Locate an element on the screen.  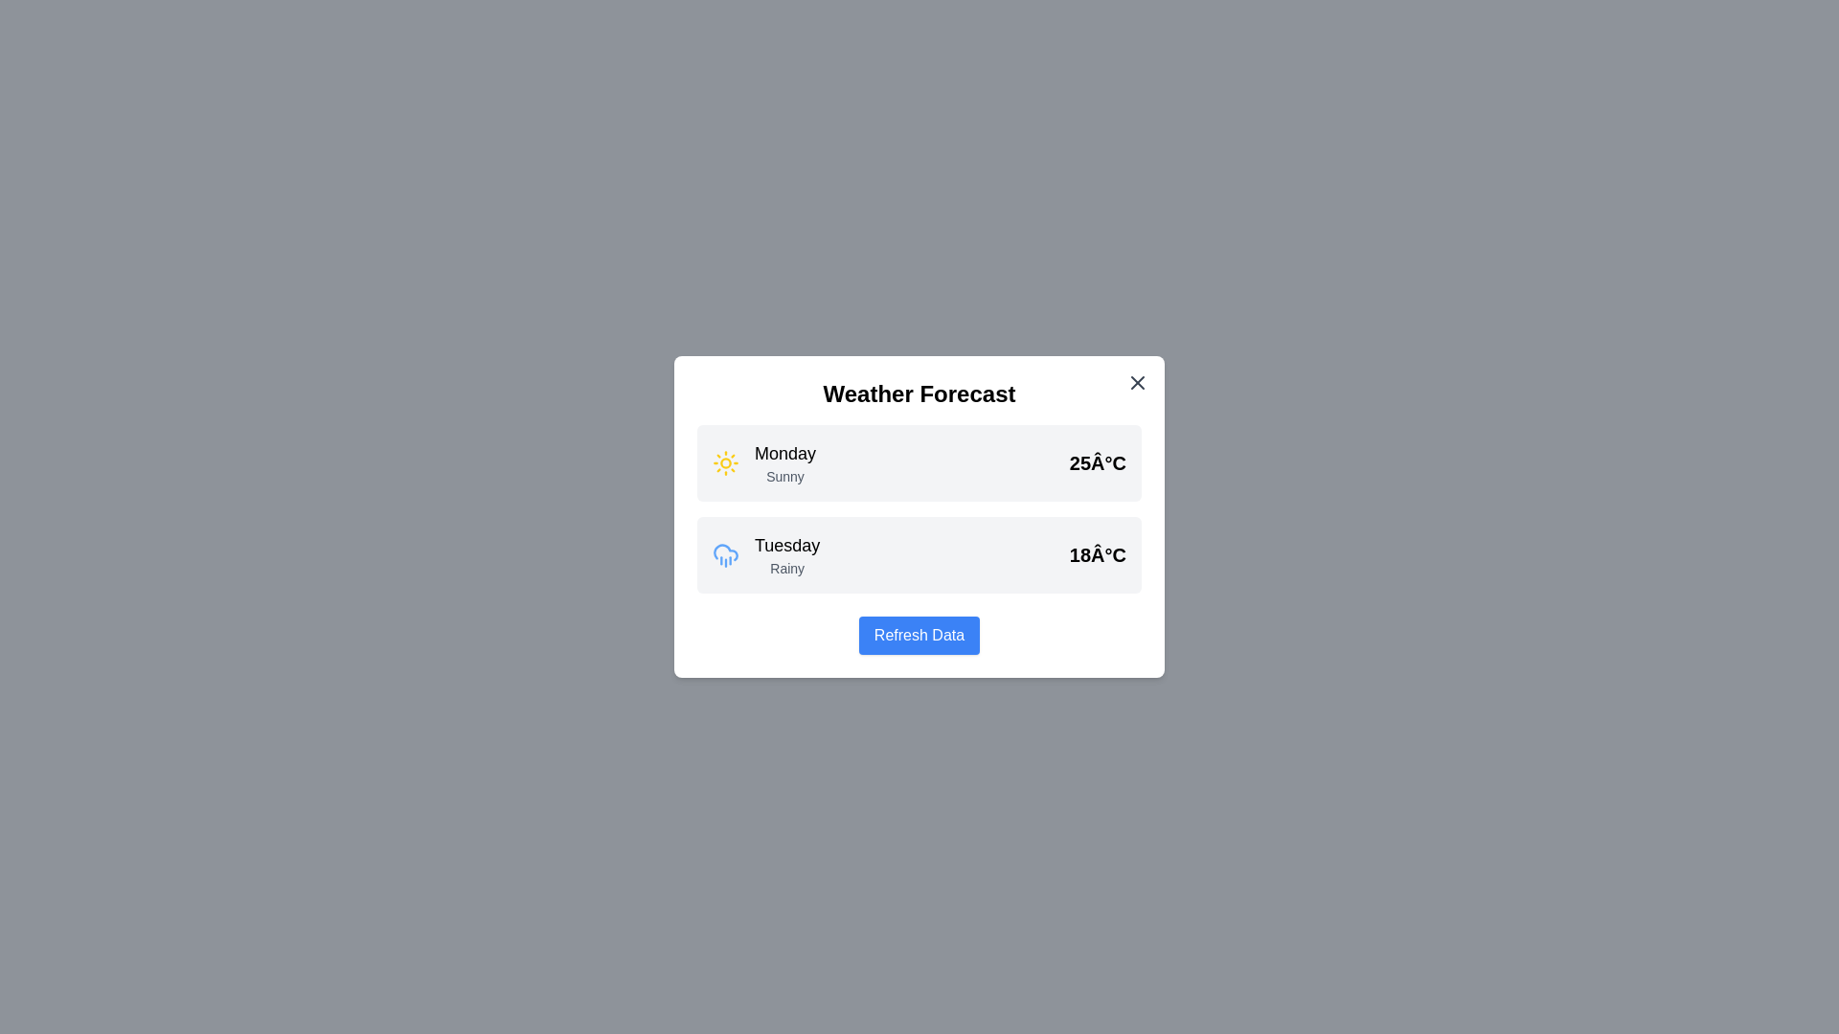
temperature value displayed in the text label for 'Monday' at the far right of the first weather forecast row, which indicates the weather condition 'Sunny' is located at coordinates (1098, 462).